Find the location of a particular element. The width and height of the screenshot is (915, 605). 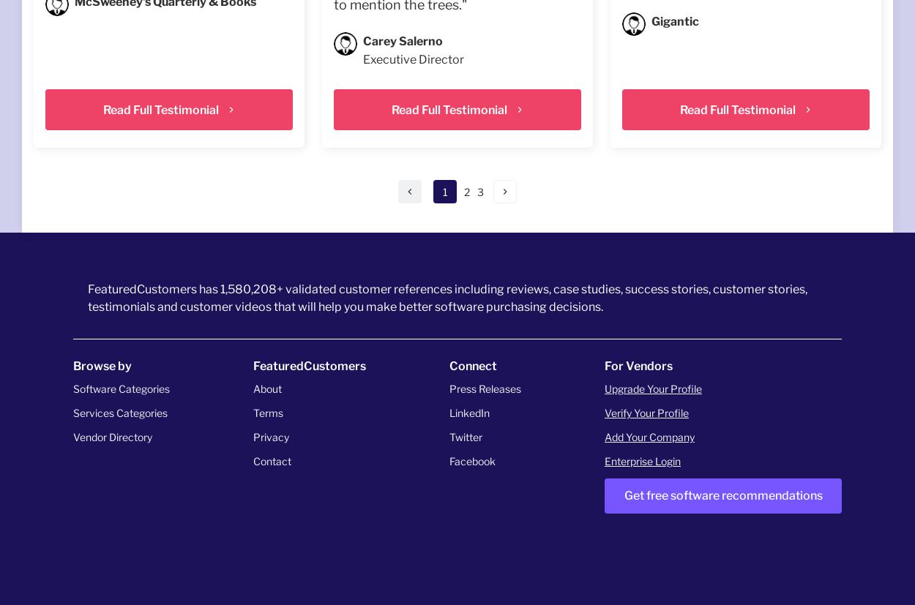

'Vendor Directory' is located at coordinates (113, 437).